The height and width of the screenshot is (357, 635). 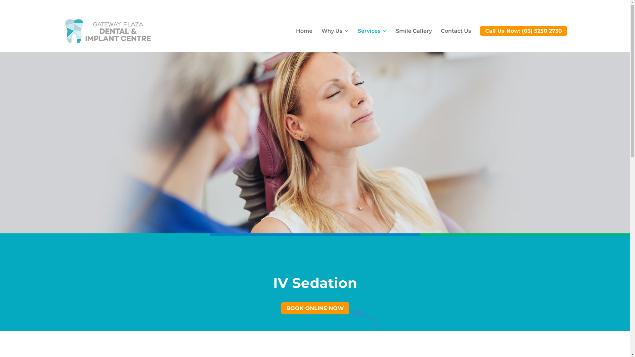 I want to click on 'Smile Gallery', so click(x=395, y=39).